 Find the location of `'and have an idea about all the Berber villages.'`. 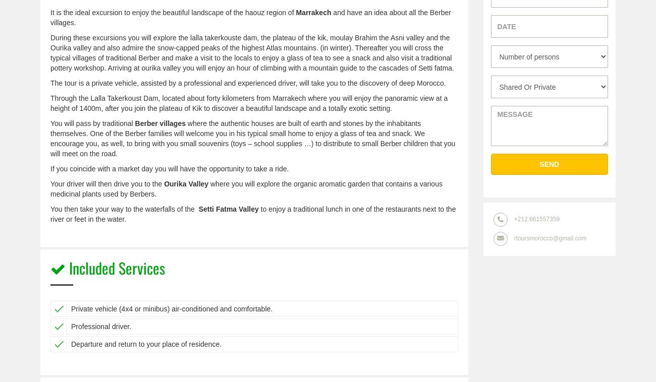

'and have an idea about all the Berber villages.' is located at coordinates (250, 17).